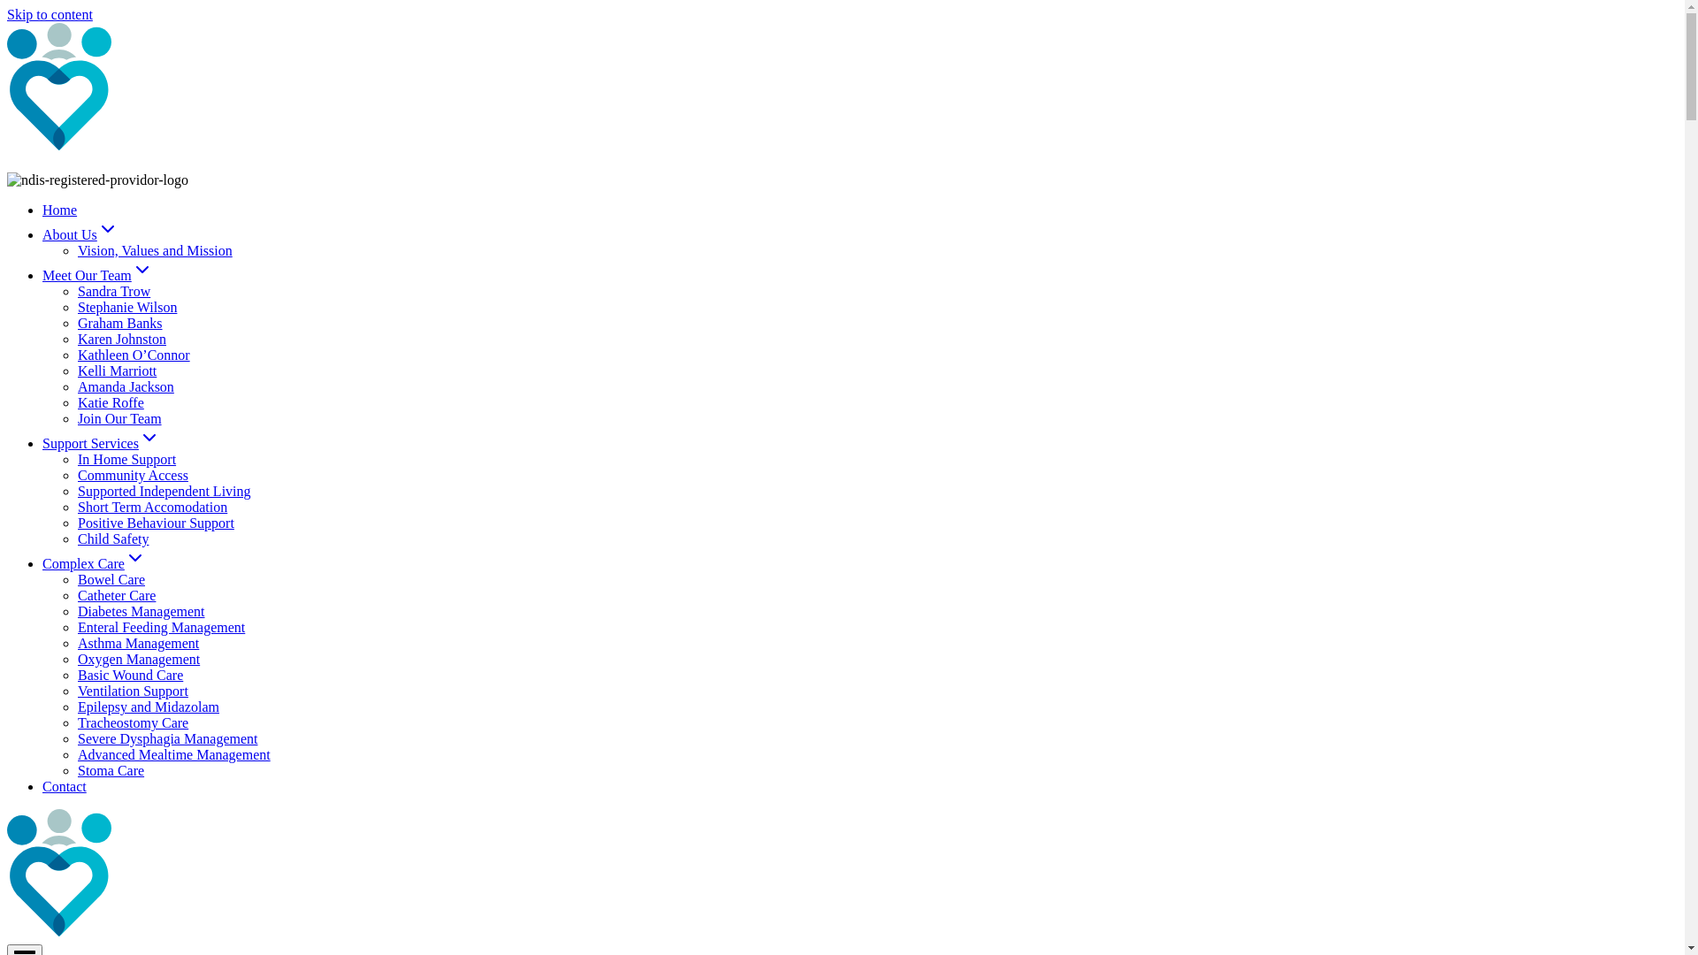  Describe the element at coordinates (110, 402) in the screenshot. I see `'Katie Roffe'` at that location.